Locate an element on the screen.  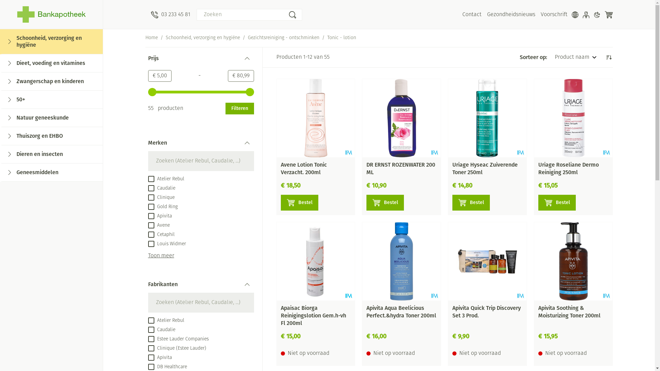
'Clinique (Estee Lauder)' is located at coordinates (177, 348).